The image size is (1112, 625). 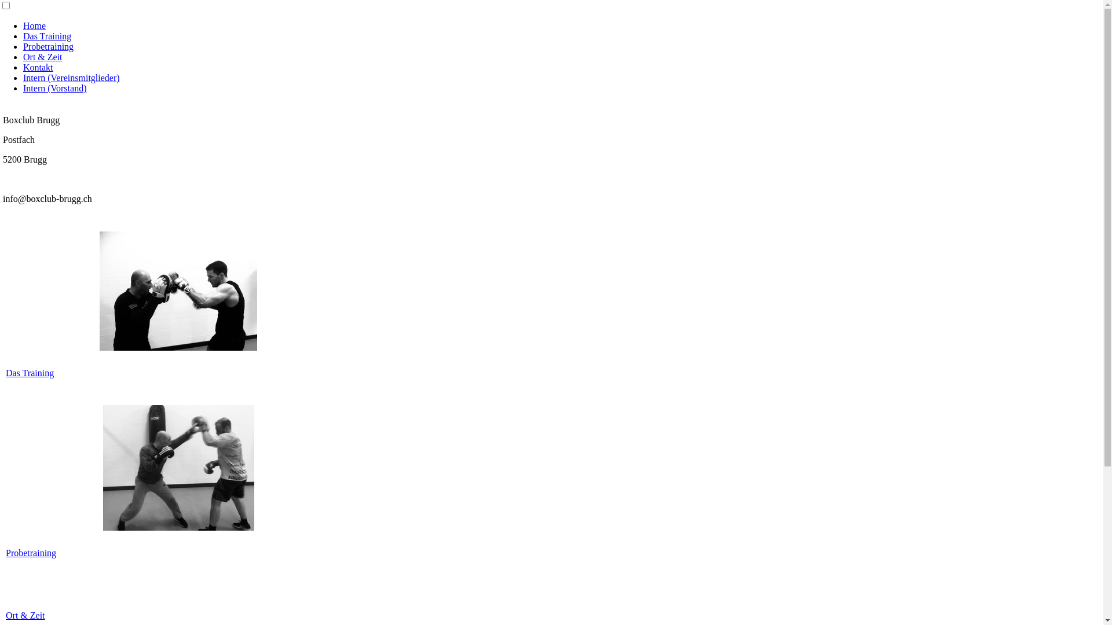 I want to click on 'Das Training', so click(x=46, y=35).